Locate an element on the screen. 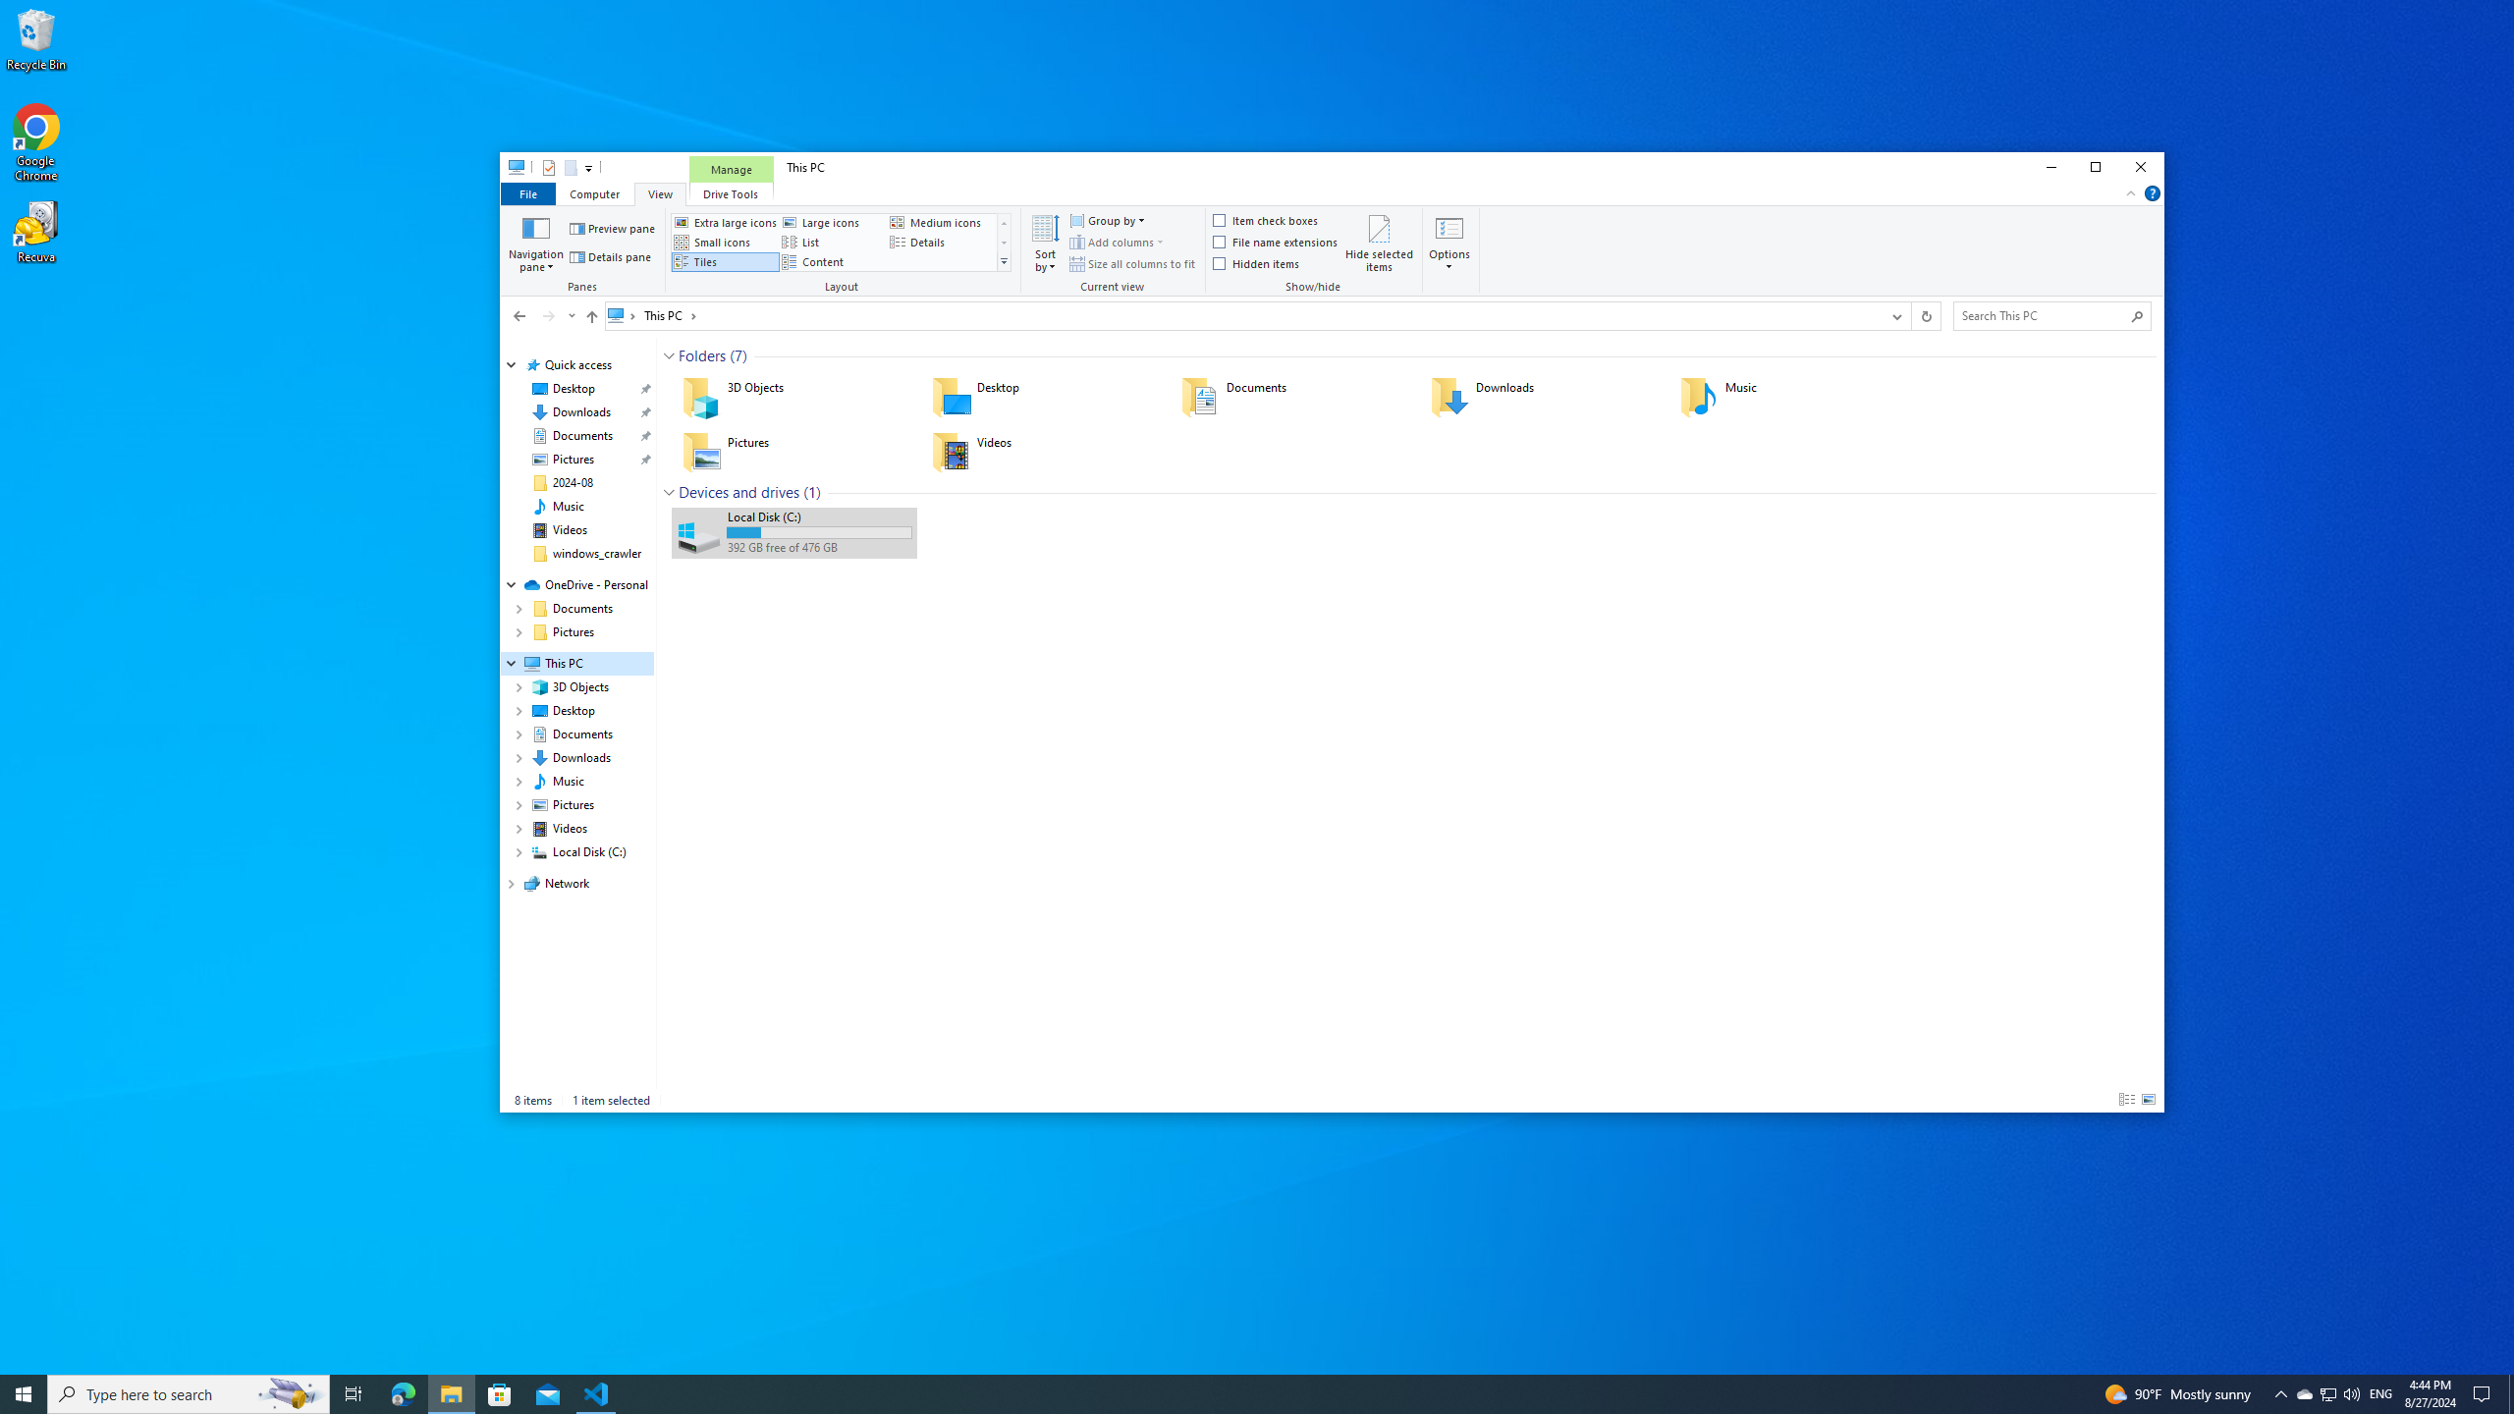  'Group by' is located at coordinates (1106, 221).